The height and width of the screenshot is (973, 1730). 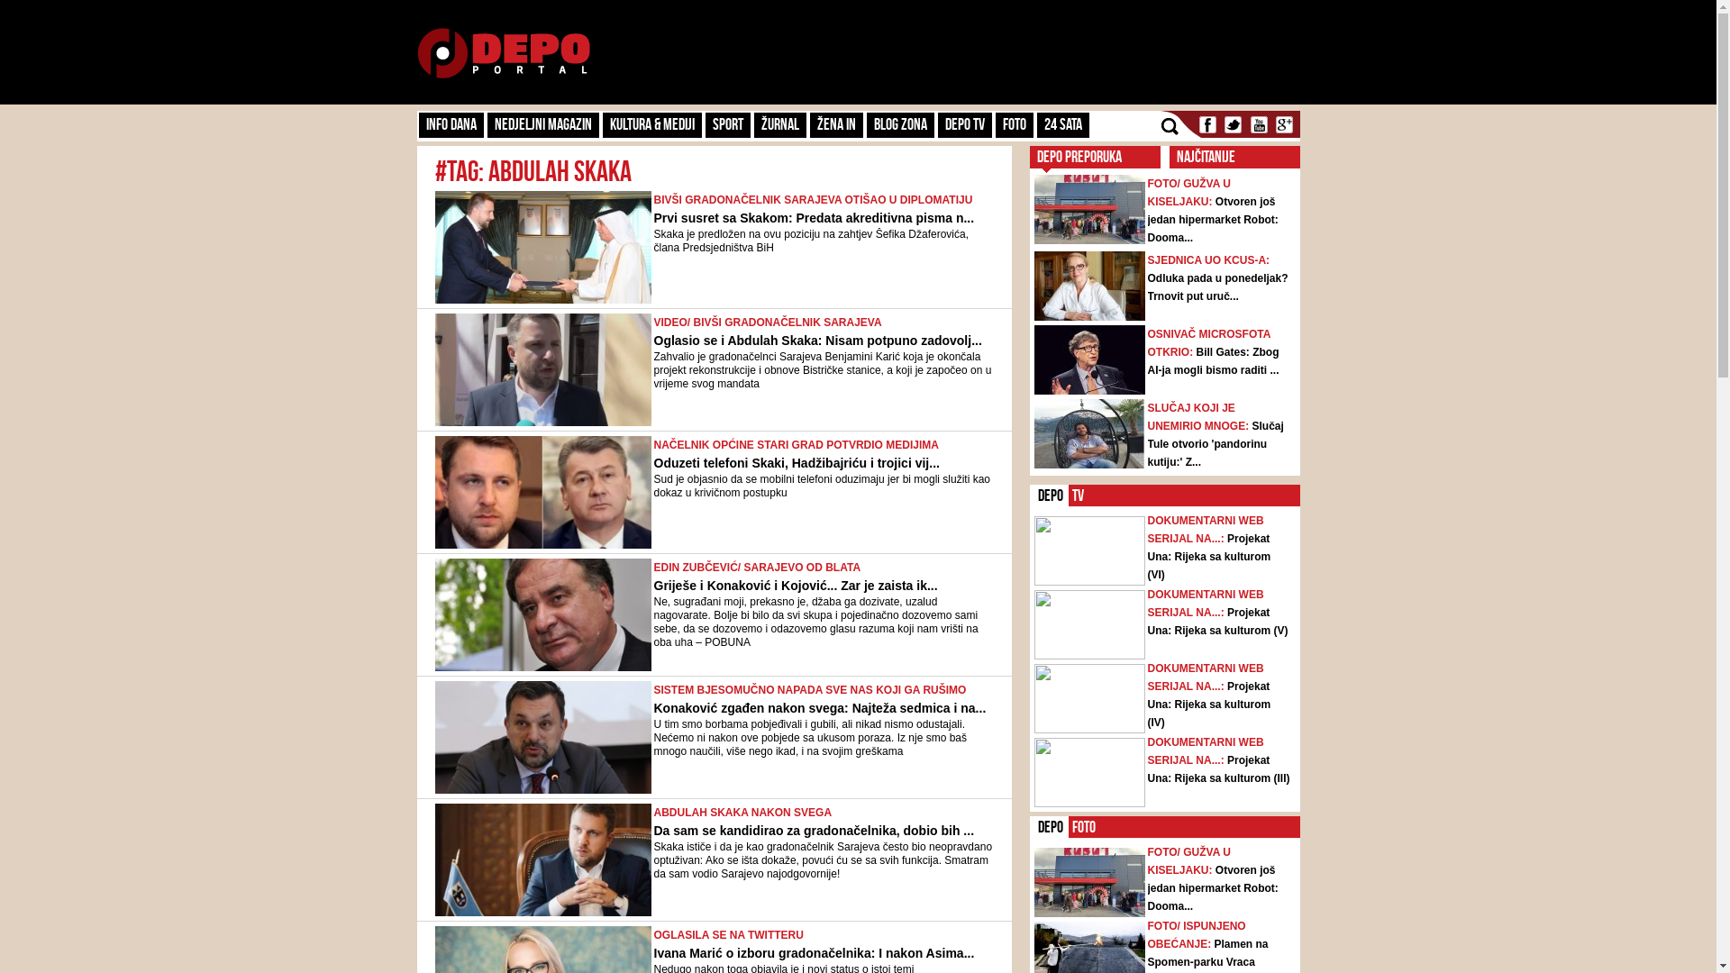 I want to click on 'Sport', so click(x=726, y=123).